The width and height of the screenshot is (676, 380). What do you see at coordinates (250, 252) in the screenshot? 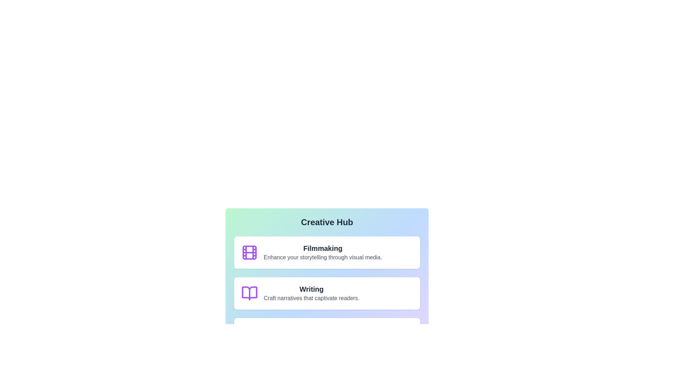
I see `the icon associated with Filmmaking` at bounding box center [250, 252].